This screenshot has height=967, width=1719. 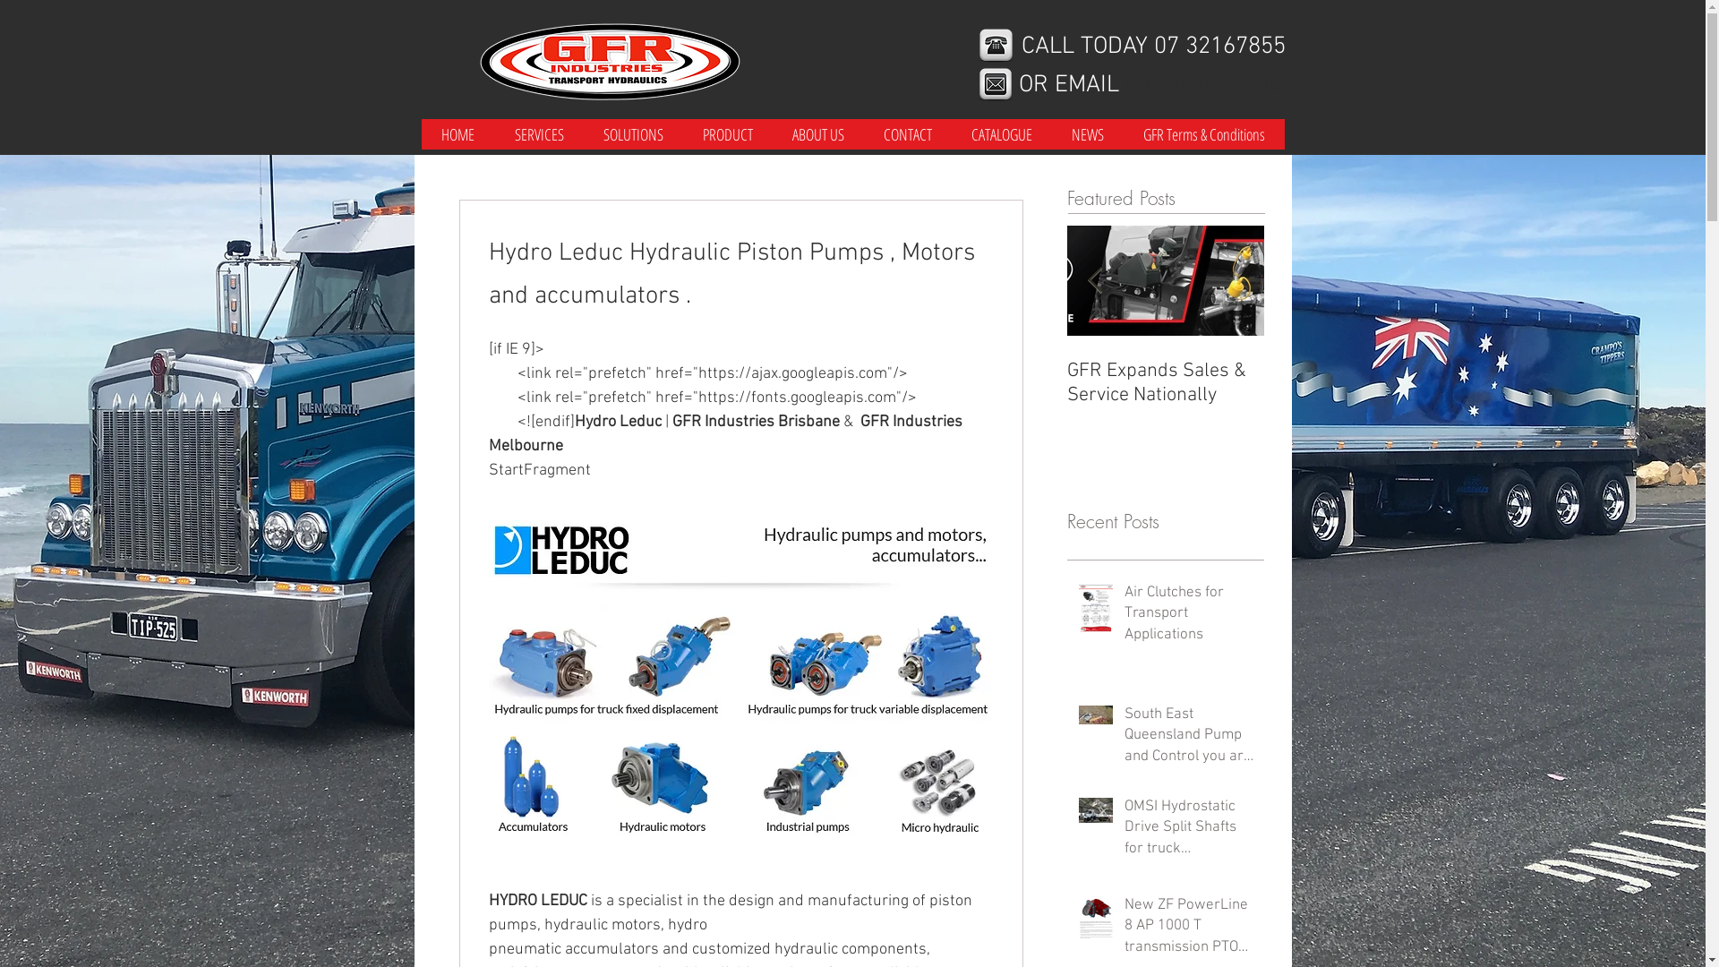 I want to click on 'CATALOGUE', so click(x=1000, y=133).